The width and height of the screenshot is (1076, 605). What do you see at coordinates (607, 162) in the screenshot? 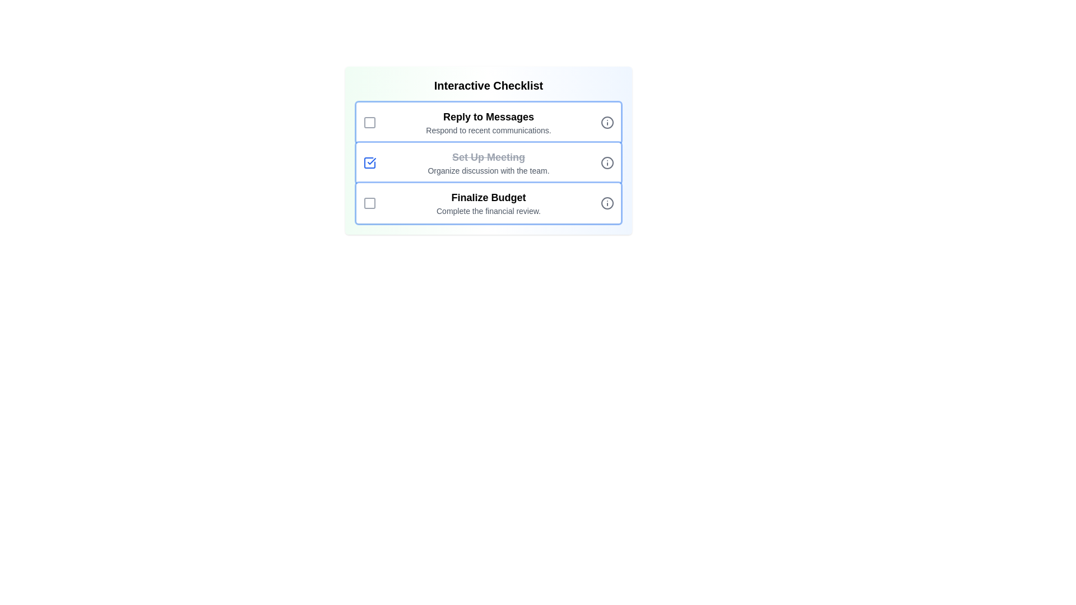
I see `the information icon next to the task Set Up Meeting` at bounding box center [607, 162].